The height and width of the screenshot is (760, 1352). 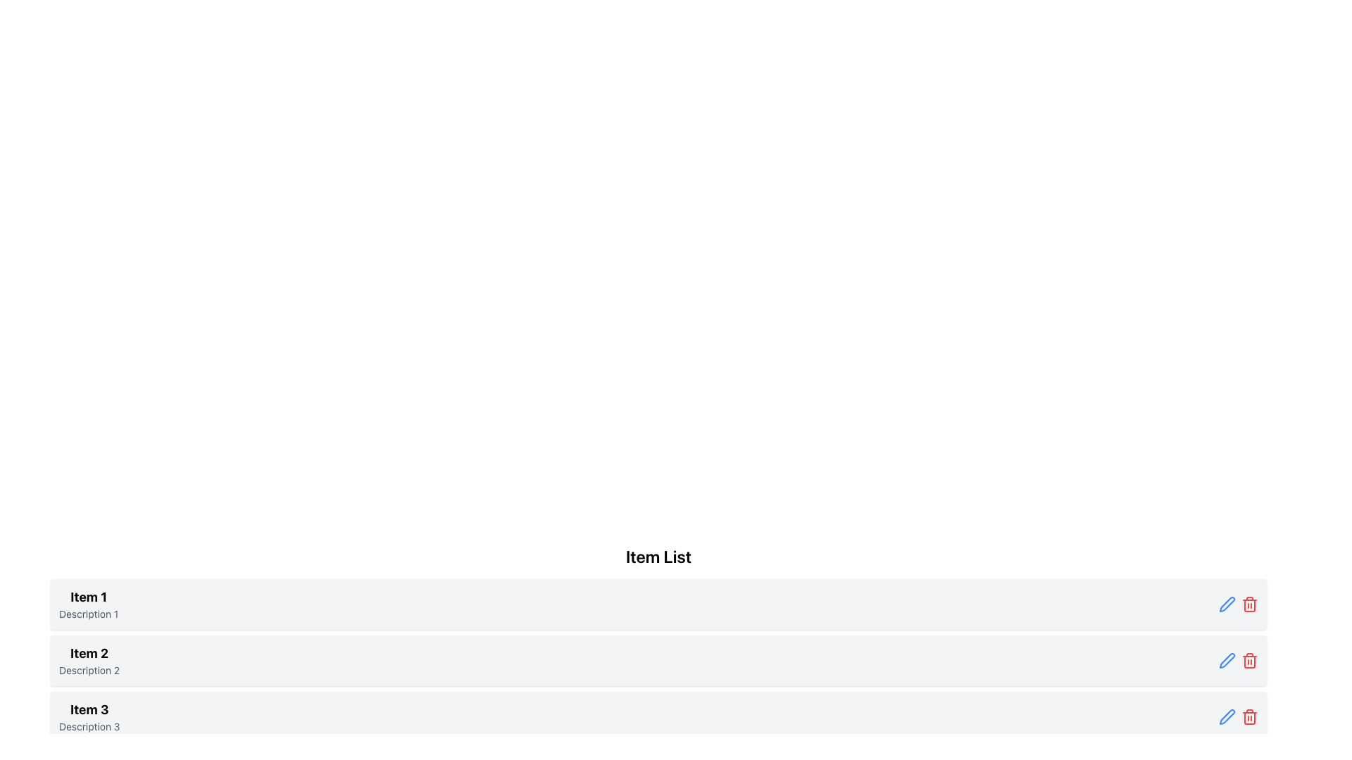 I want to click on the vibrant blue pen icon located inside the third list item to initiate editing, so click(x=1226, y=660).